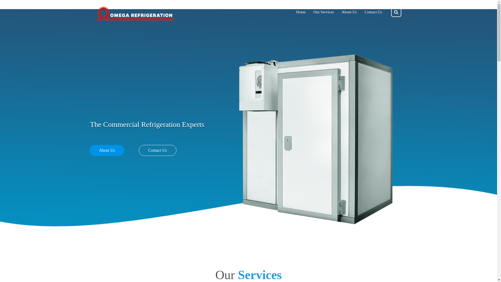 This screenshot has width=501, height=282. What do you see at coordinates (373, 12) in the screenshot?
I see `'Contact Us'` at bounding box center [373, 12].